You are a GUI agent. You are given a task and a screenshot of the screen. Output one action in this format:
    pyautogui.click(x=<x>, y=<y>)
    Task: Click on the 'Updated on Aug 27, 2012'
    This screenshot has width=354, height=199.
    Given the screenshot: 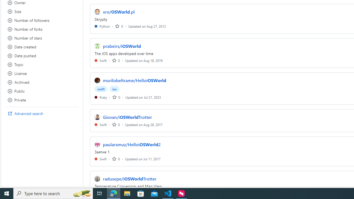 What is the action you would take?
    pyautogui.click(x=147, y=26)
    